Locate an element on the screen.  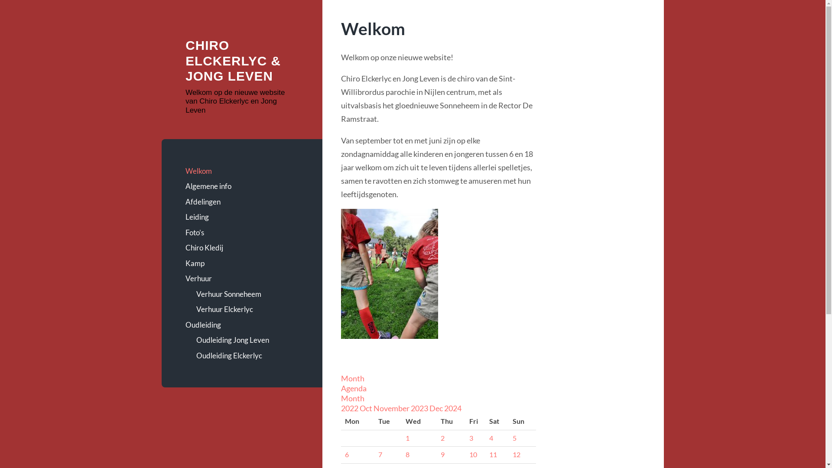
'8' is located at coordinates (405, 454).